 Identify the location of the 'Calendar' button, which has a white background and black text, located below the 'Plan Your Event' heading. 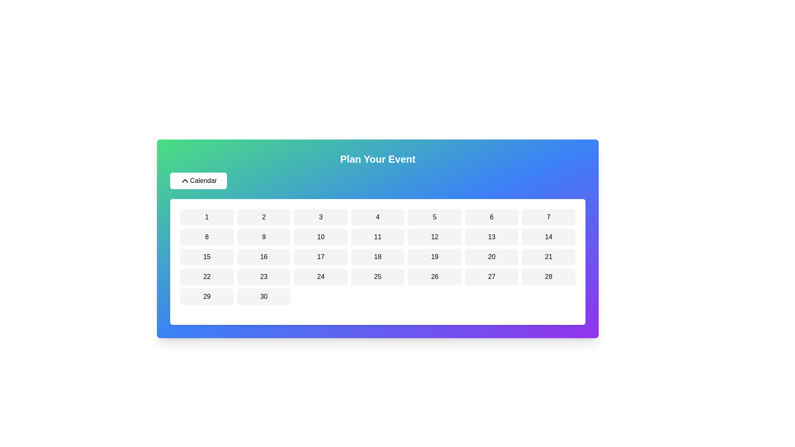
(198, 180).